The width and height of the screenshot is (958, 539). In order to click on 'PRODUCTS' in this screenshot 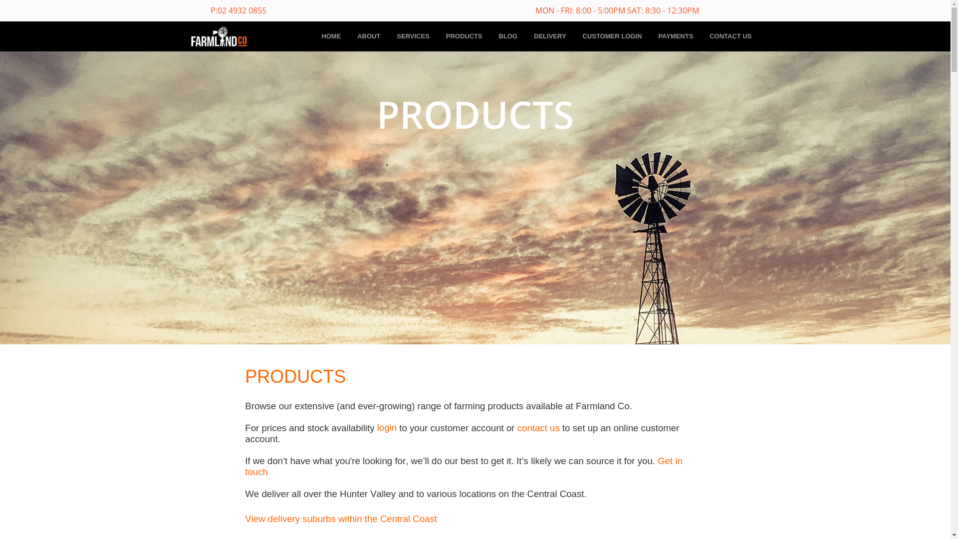, I will do `click(464, 36)`.